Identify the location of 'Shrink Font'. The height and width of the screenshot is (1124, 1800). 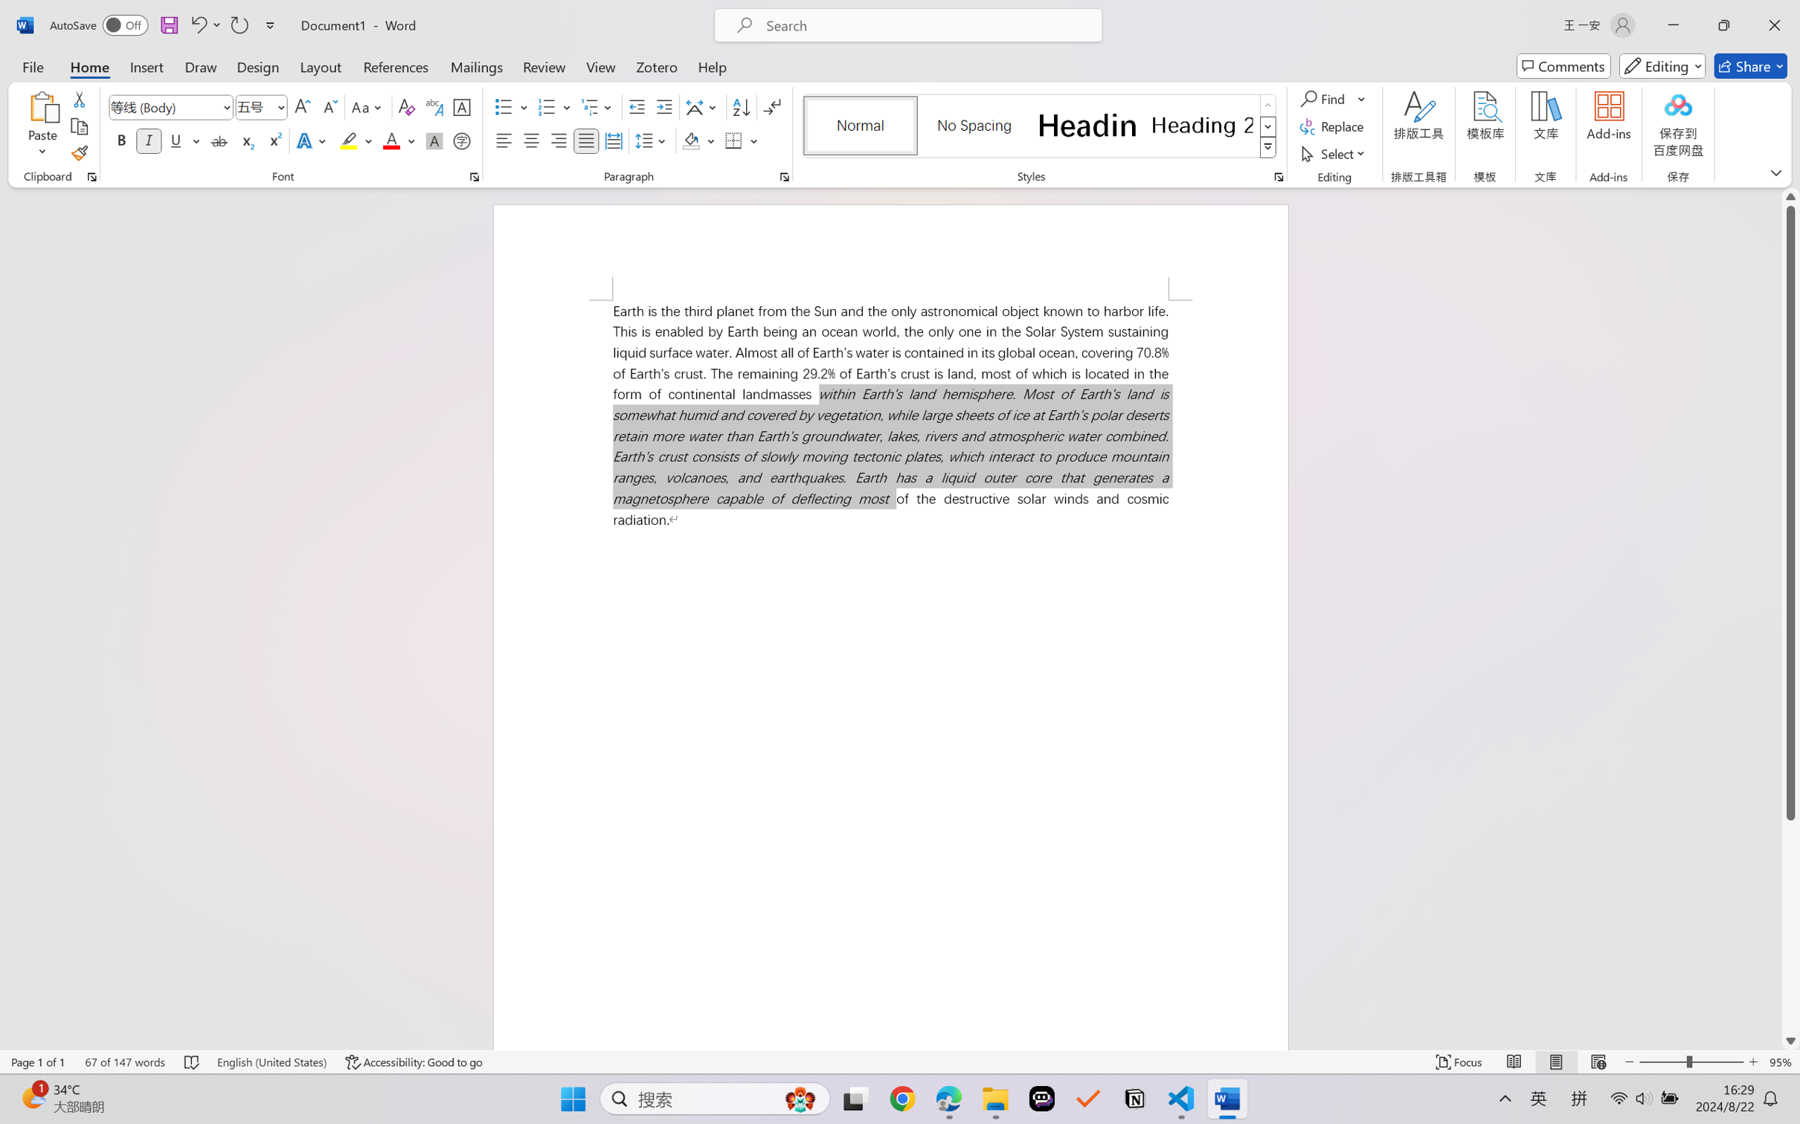
(328, 107).